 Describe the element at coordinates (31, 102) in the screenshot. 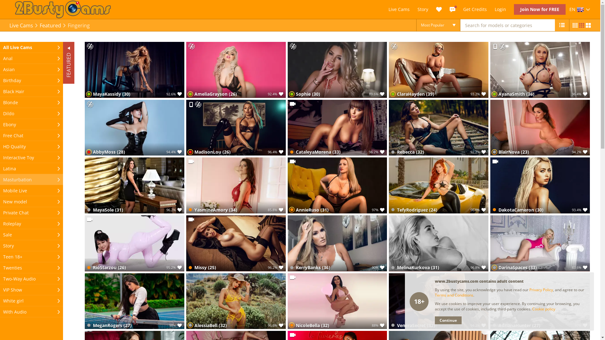

I see `'Blonde'` at that location.